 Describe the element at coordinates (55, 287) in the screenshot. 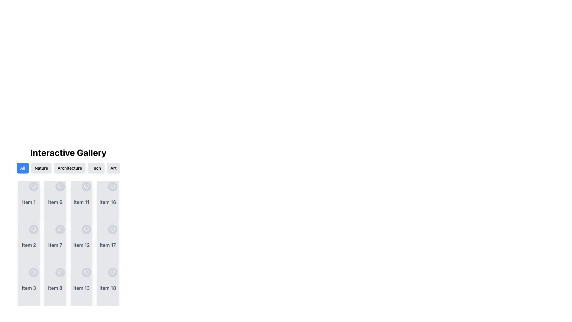

I see `the button located at the bottom center of the card for 'Item 8' in the second column and third row of the grid` at that location.